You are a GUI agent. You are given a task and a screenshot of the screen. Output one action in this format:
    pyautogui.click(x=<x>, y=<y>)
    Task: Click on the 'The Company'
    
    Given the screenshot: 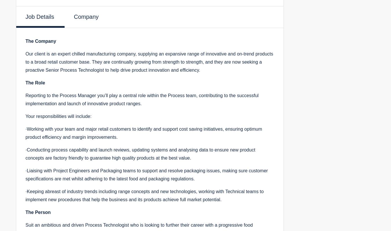 What is the action you would take?
    pyautogui.click(x=41, y=41)
    